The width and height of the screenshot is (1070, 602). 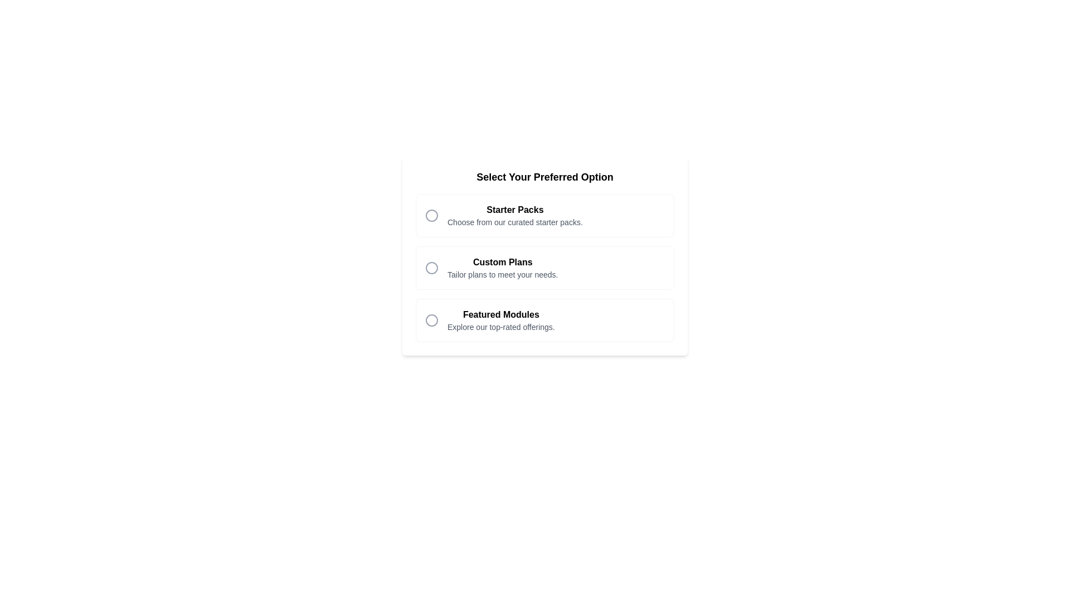 I want to click on the 'Starter Packs' label, which is prominently styled in bold font and positioned above the text 'Choose from our curated starter packs.', so click(x=514, y=210).